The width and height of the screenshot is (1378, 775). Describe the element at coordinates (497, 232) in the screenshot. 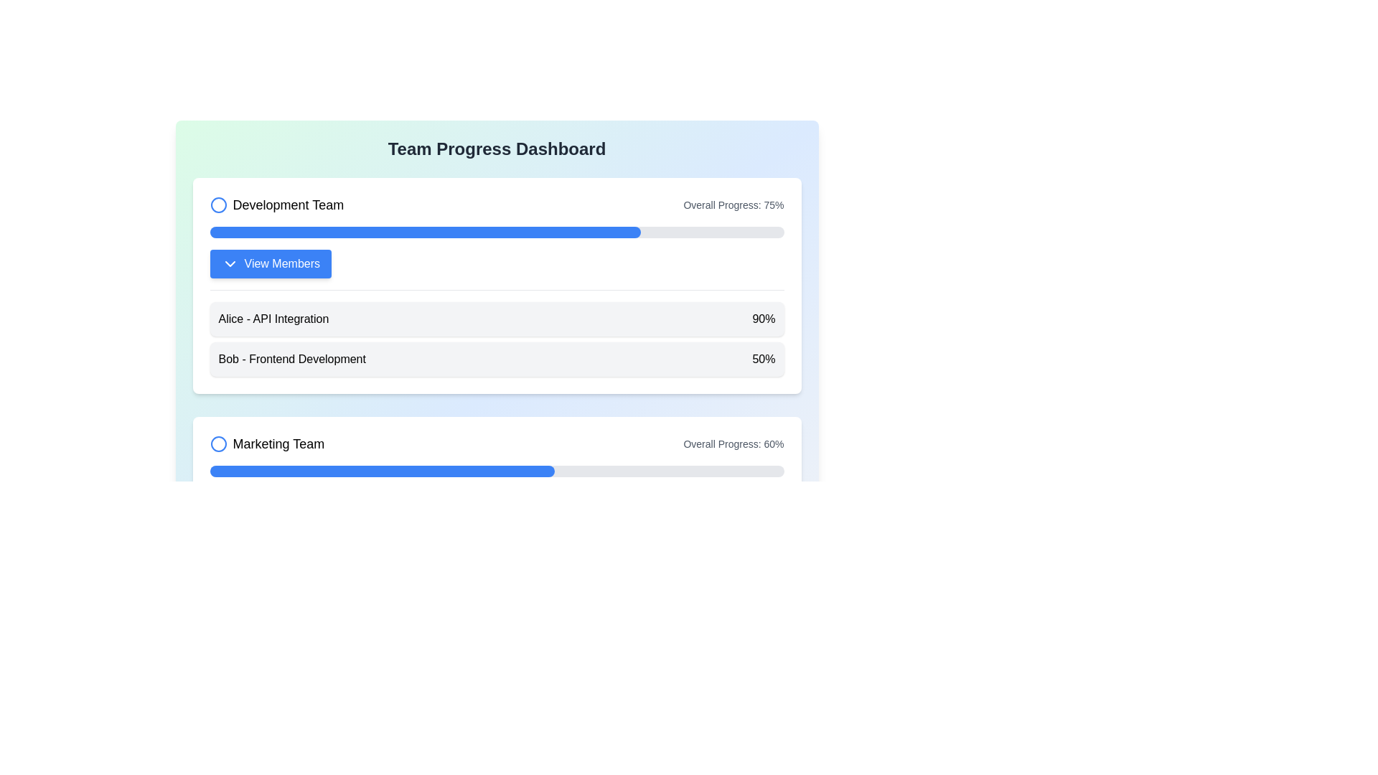

I see `the visual representation of the progress on the progress bar located below the 'Development Team' section header, which indicates 75% completion` at that location.